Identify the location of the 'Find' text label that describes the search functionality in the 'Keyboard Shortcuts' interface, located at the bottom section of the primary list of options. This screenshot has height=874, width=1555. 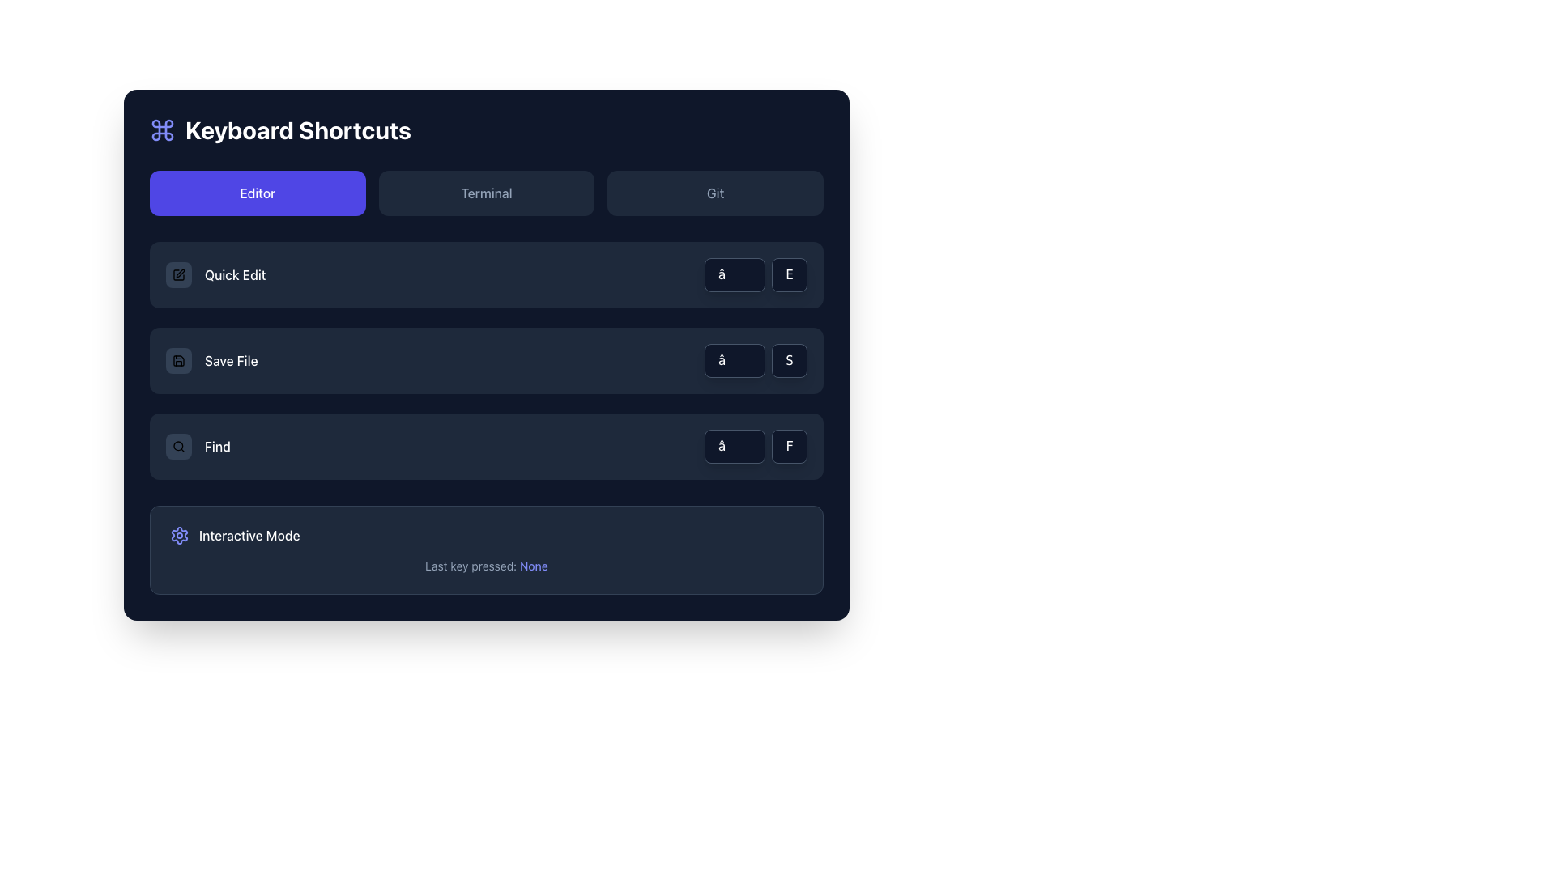
(216, 446).